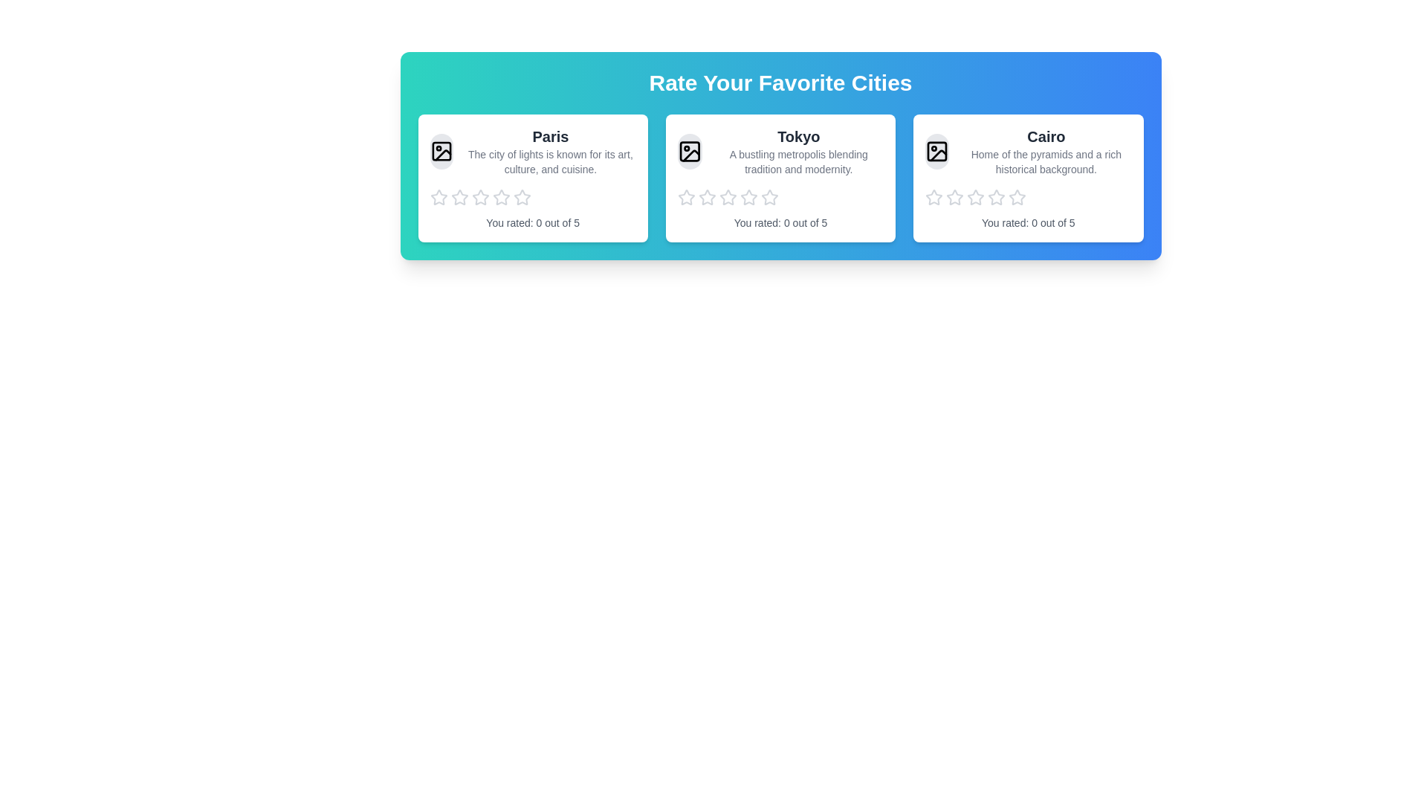 The image size is (1427, 803). I want to click on the image placeholder element within the 'Tokyo' card, which is positioned to the left of the text content and aligns with the title 'Tokyo', so click(689, 152).